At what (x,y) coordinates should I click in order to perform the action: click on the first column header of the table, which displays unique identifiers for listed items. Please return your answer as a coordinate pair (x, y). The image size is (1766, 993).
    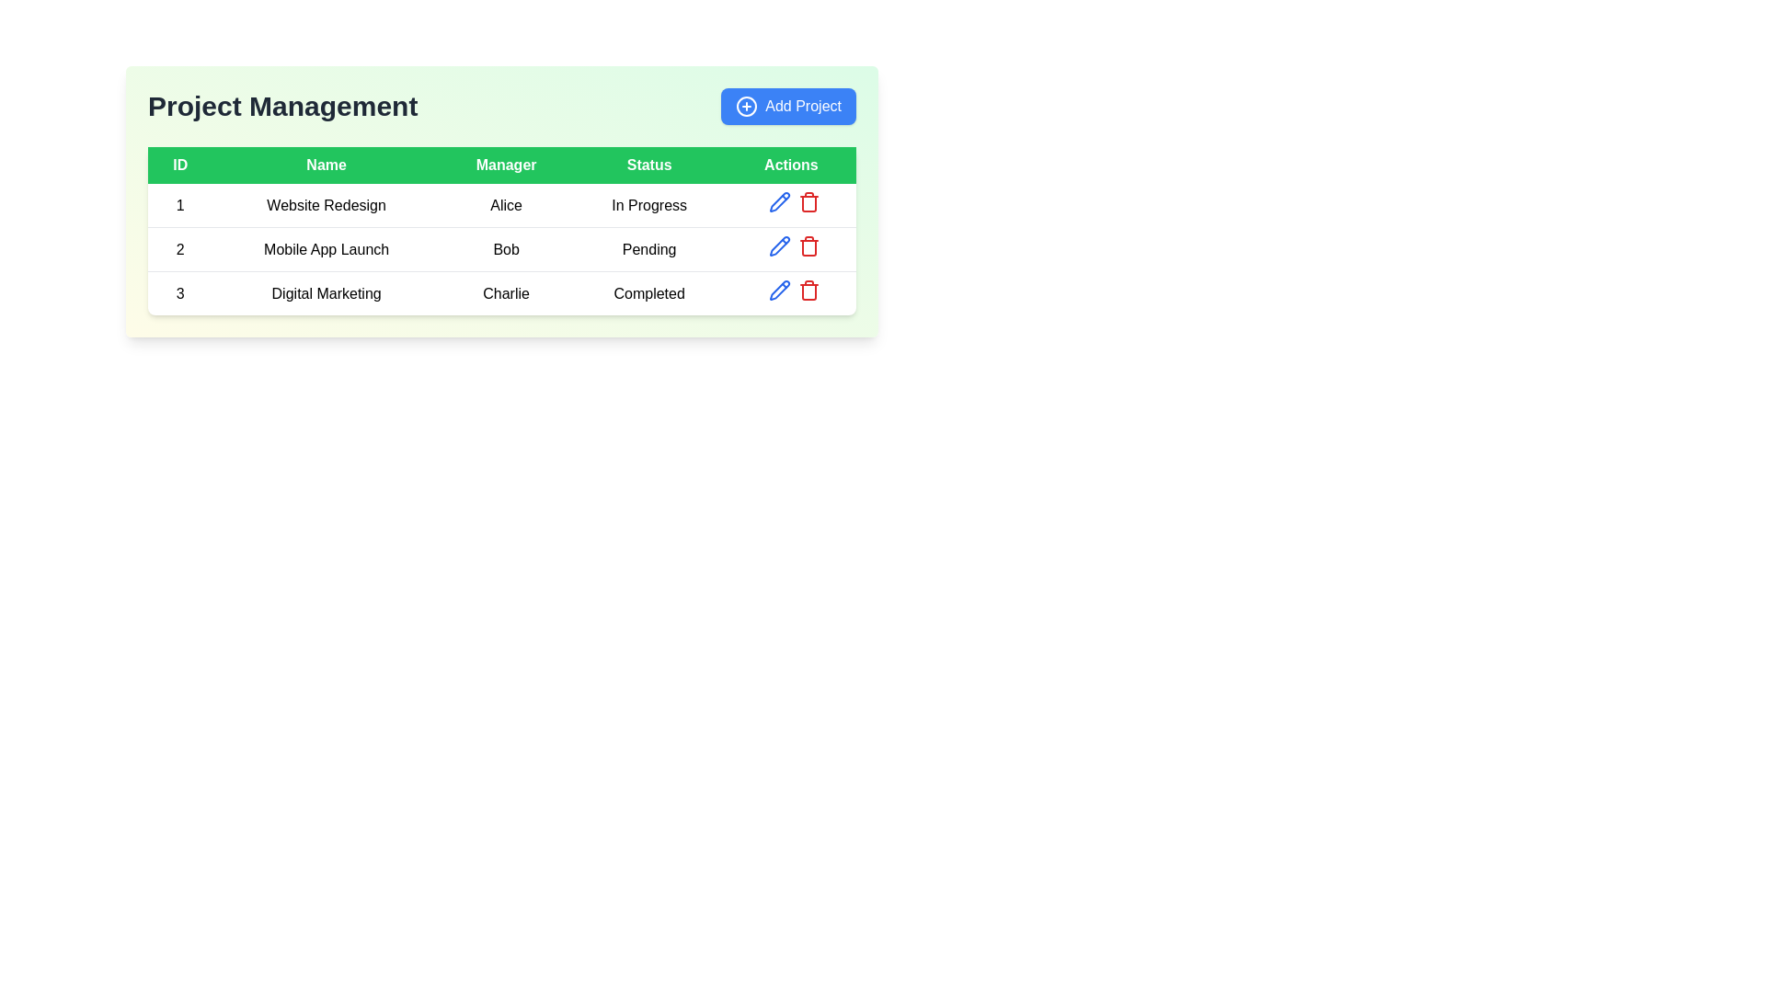
    Looking at the image, I should click on (180, 165).